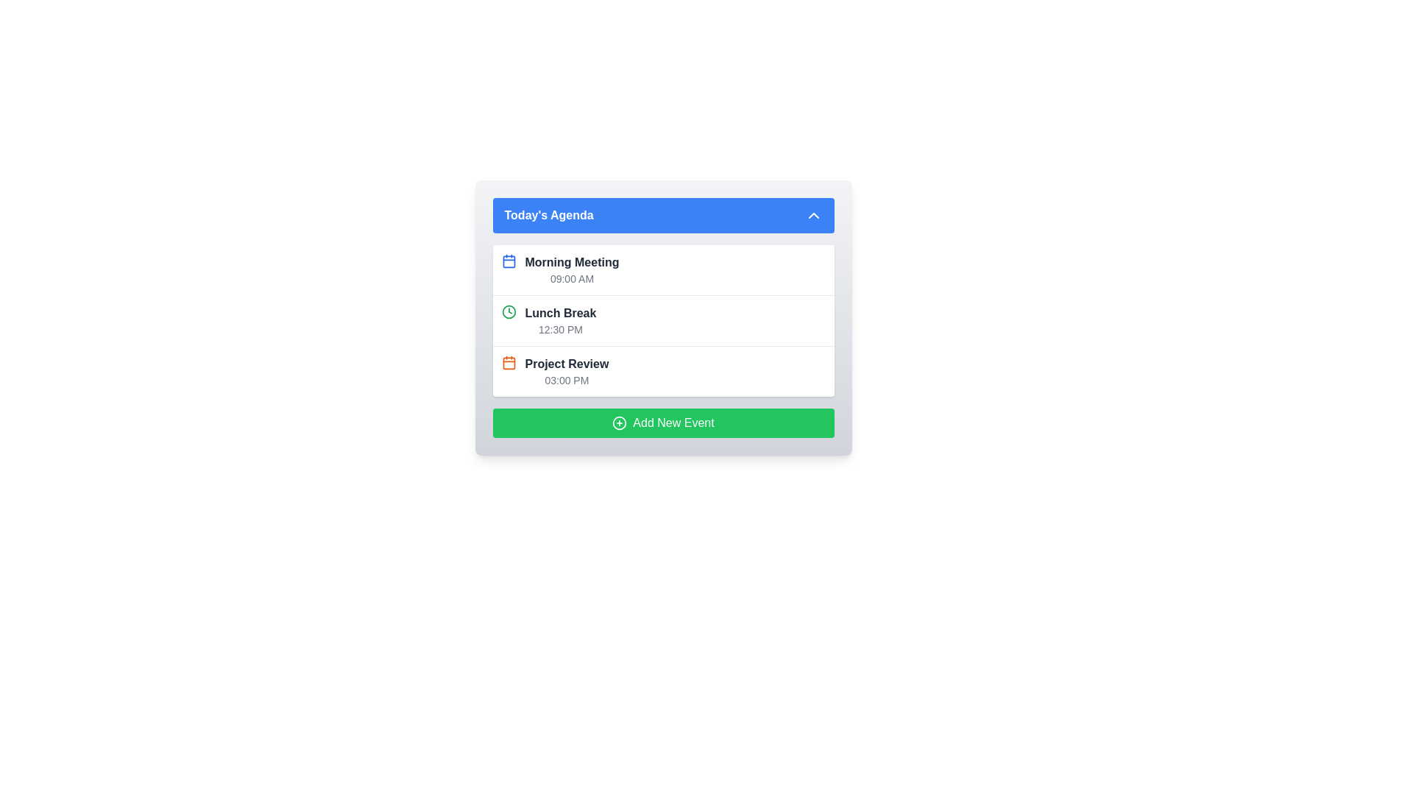 Image resolution: width=1413 pixels, height=795 pixels. I want to click on the text label displaying the title of the event scheduled for '09:00 AM' in 'Today's Agenda', so click(571, 262).